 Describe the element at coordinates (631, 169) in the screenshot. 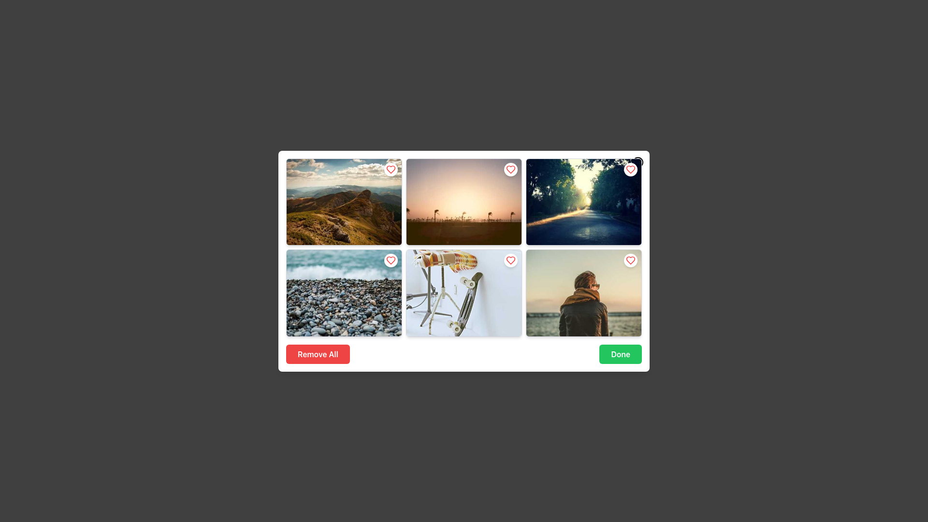

I see `the heart-shaped favorite toggle icon located at the upper-right corner of the third image in the top row of the grid layout to possibly view its tooltip` at that location.